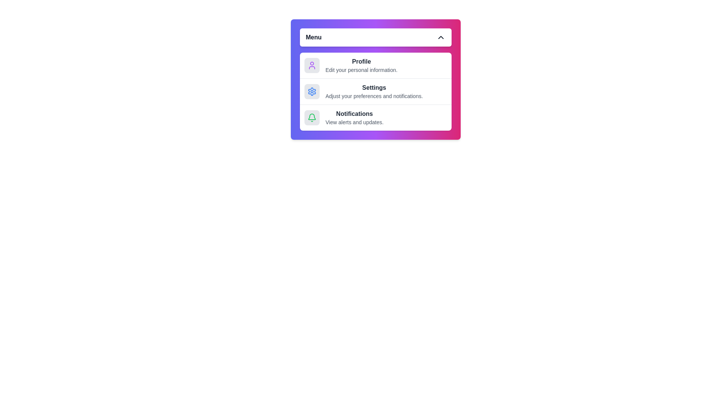  Describe the element at coordinates (312, 118) in the screenshot. I see `the Notifications icon in the menu` at that location.